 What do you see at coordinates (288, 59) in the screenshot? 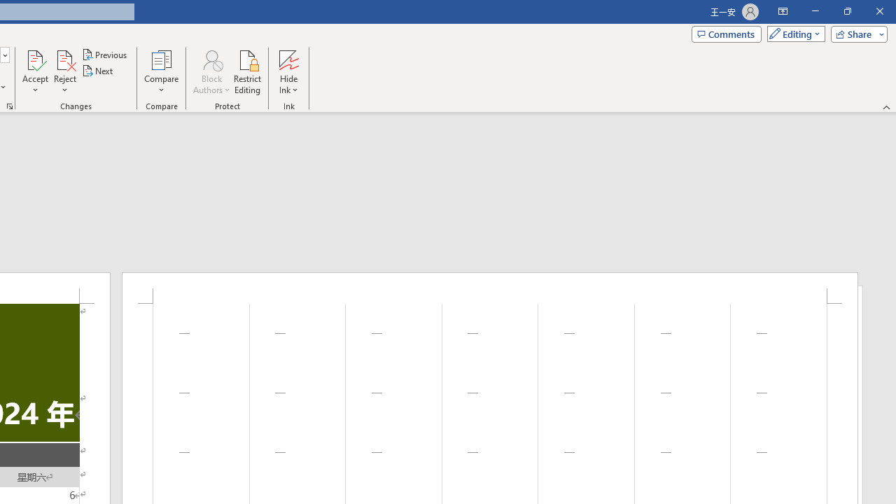
I see `'Hide Ink'` at bounding box center [288, 59].